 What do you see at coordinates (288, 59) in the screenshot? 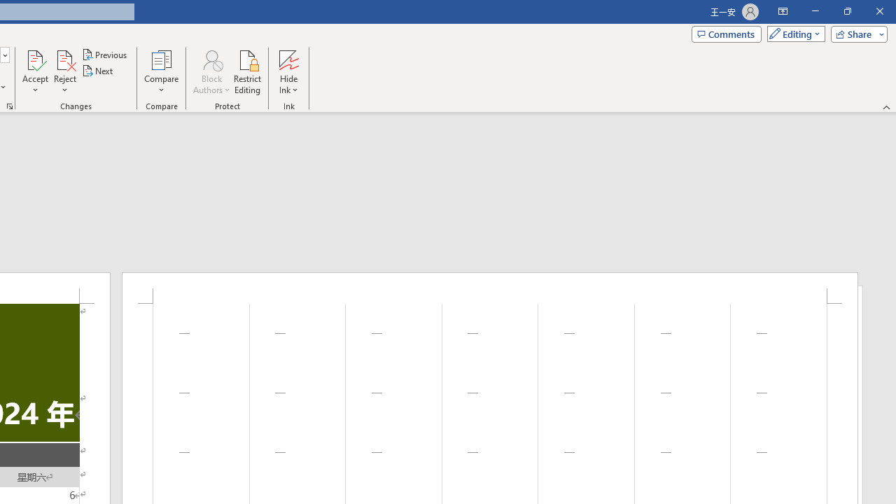
I see `'Hide Ink'` at bounding box center [288, 59].